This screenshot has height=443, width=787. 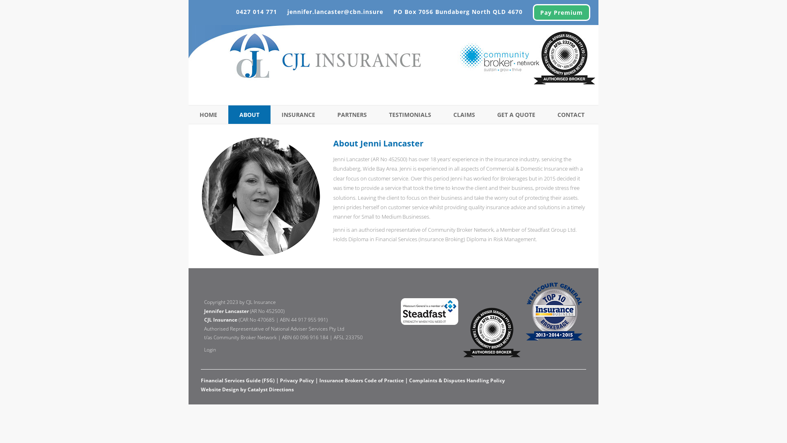 I want to click on 'GET A QUOTE', so click(x=516, y=114).